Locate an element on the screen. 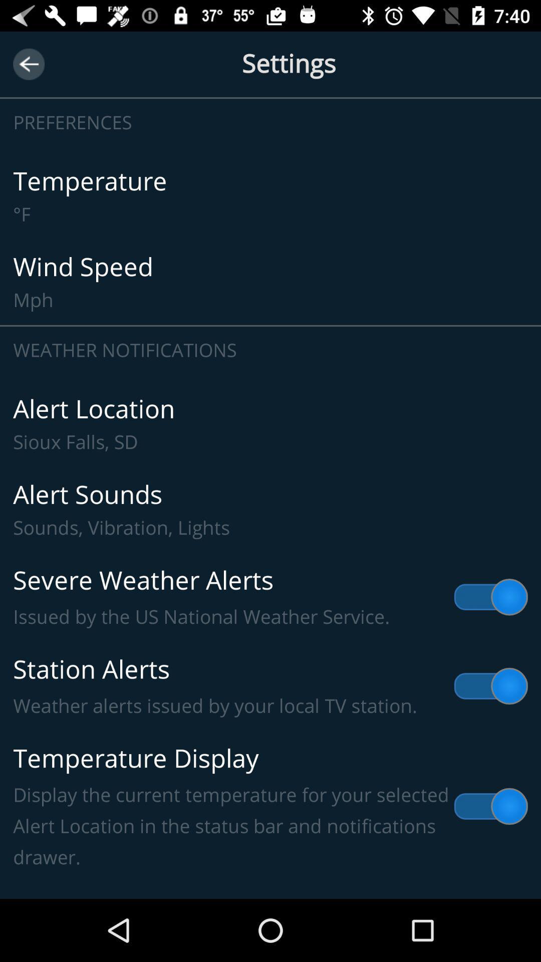 The height and width of the screenshot is (962, 541). item above the severe weather alerts icon is located at coordinates (270, 510).